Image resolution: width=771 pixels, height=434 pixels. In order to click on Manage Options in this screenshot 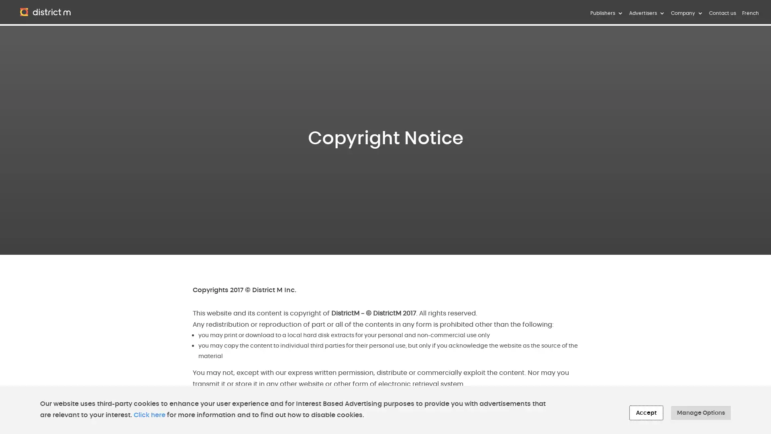, I will do `click(700, 413)`.